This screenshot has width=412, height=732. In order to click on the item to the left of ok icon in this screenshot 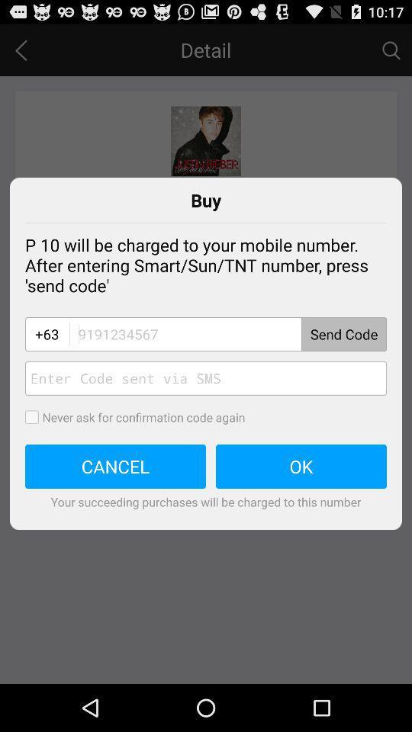, I will do `click(114, 466)`.